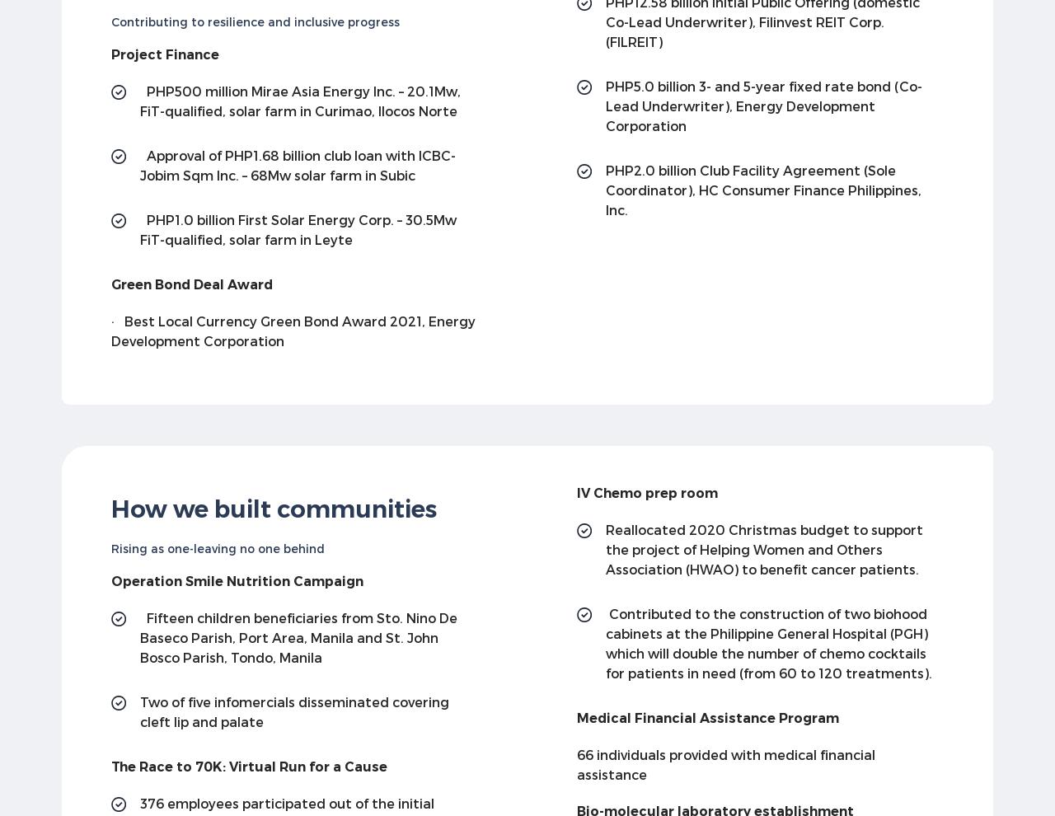 The image size is (1055, 816). What do you see at coordinates (191, 283) in the screenshot?
I see `'Green Bond Deal Award'` at bounding box center [191, 283].